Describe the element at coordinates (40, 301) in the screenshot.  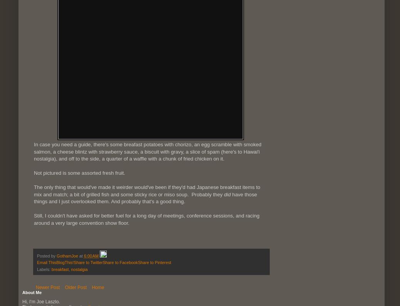
I see `'Hi, I'm Joe Laszlo.'` at that location.